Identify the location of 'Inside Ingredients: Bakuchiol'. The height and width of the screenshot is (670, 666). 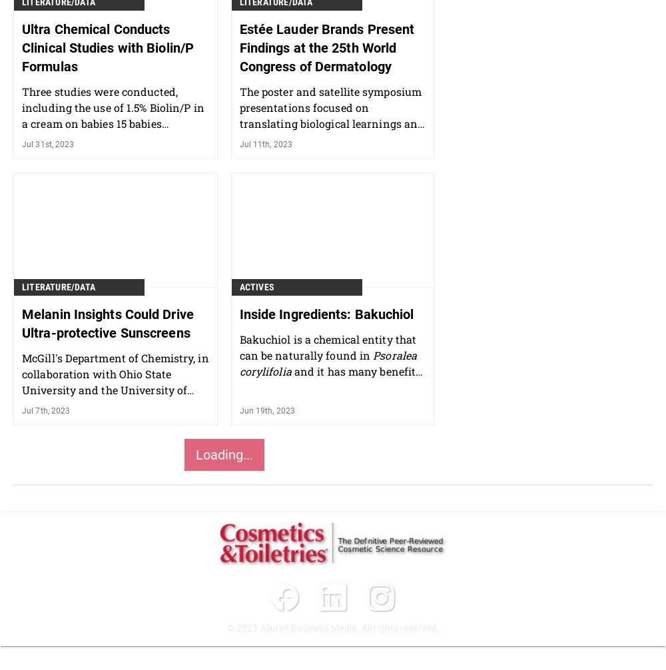
(326, 313).